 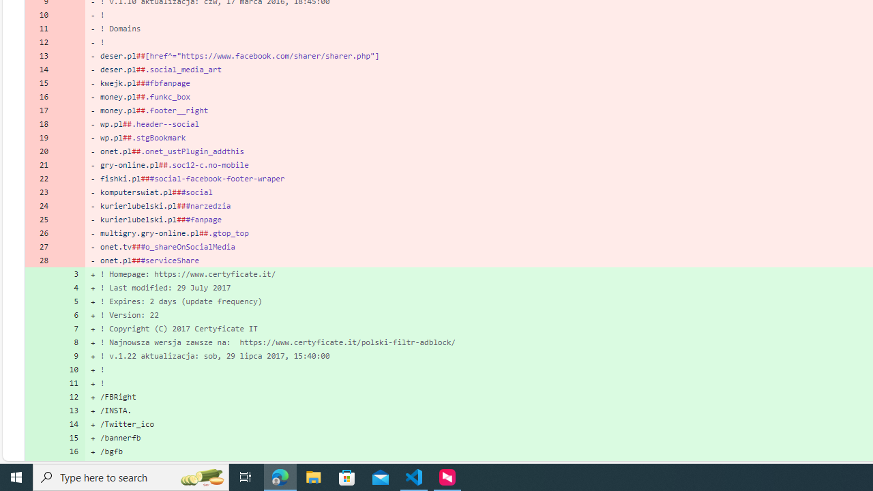 I want to click on '27', so click(x=40, y=247).